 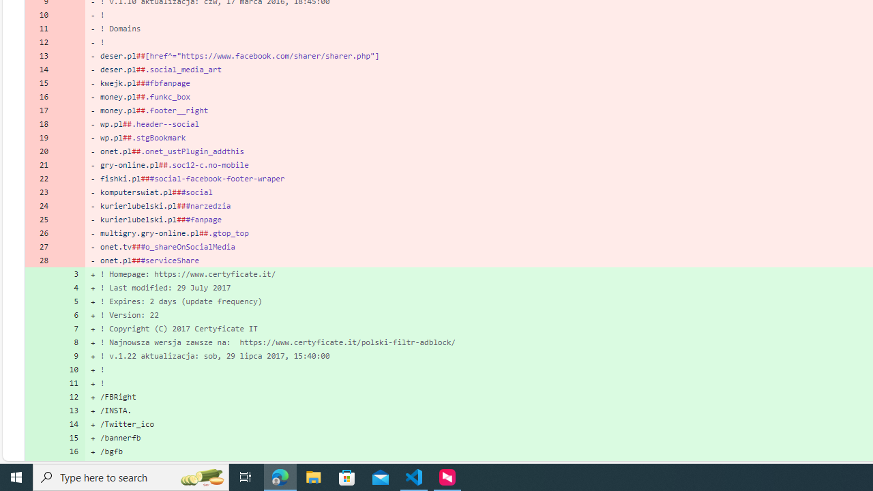 I want to click on '27', so click(x=40, y=247).